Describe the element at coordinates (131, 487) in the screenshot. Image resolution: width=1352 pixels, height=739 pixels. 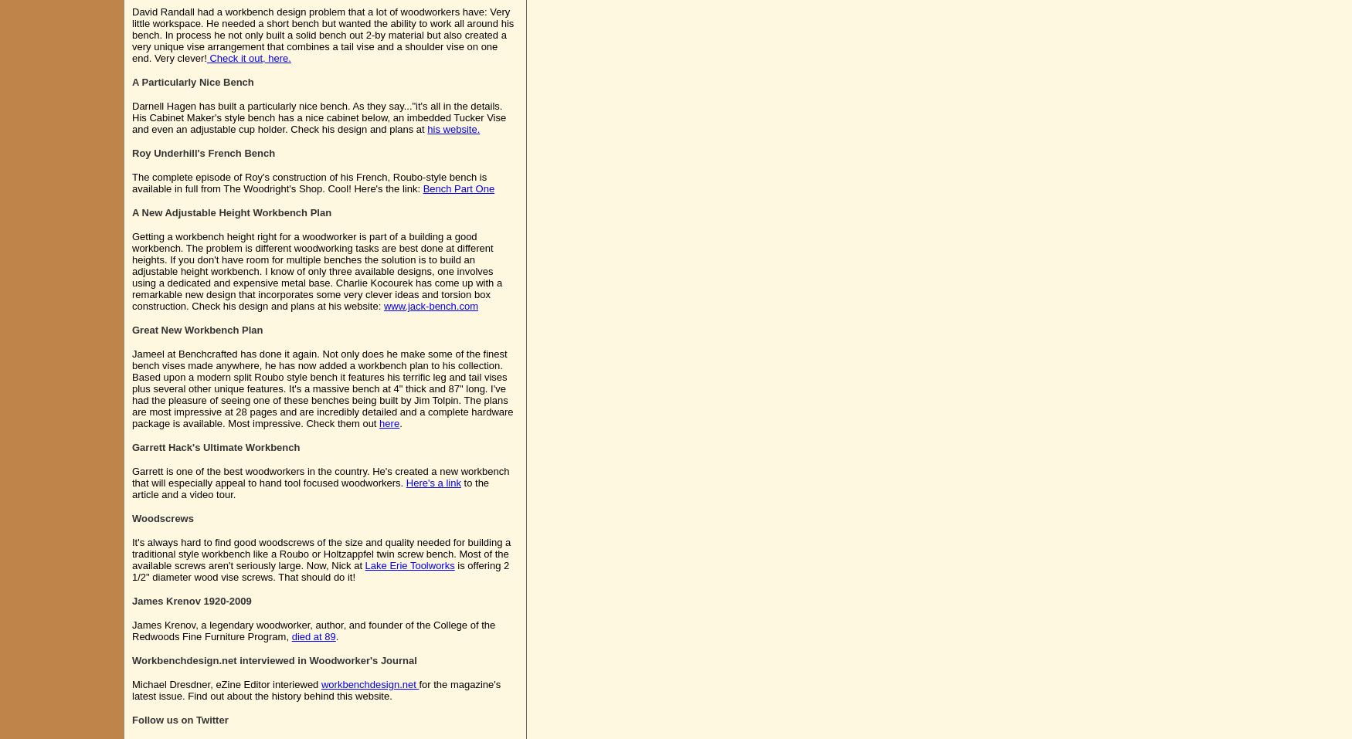
I see `'to the article and a video tour.'` at that location.